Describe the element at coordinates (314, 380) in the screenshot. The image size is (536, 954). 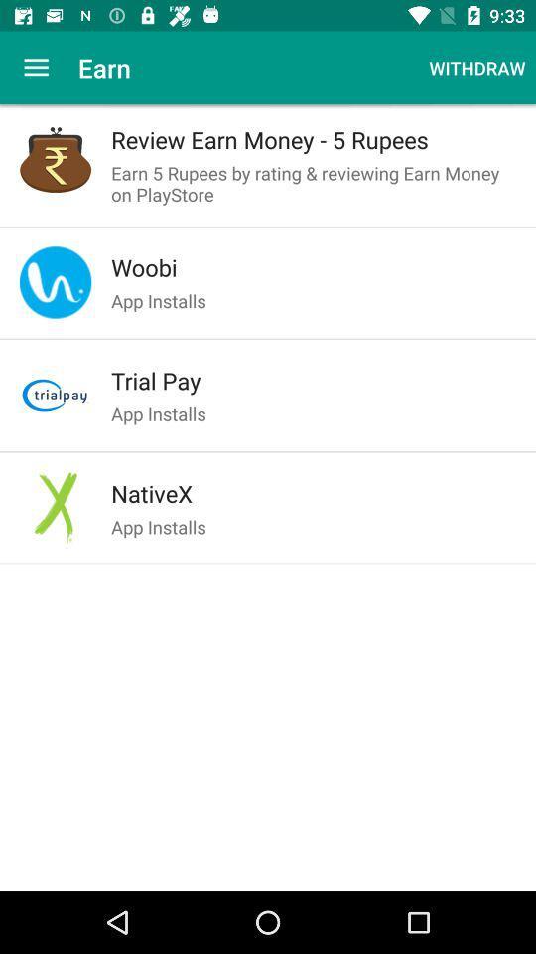
I see `the trial pay icon` at that location.